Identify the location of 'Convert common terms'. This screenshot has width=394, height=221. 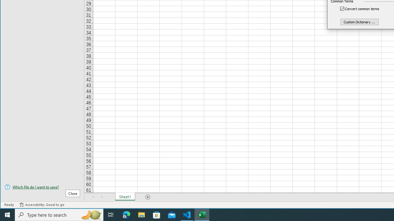
(363, 9).